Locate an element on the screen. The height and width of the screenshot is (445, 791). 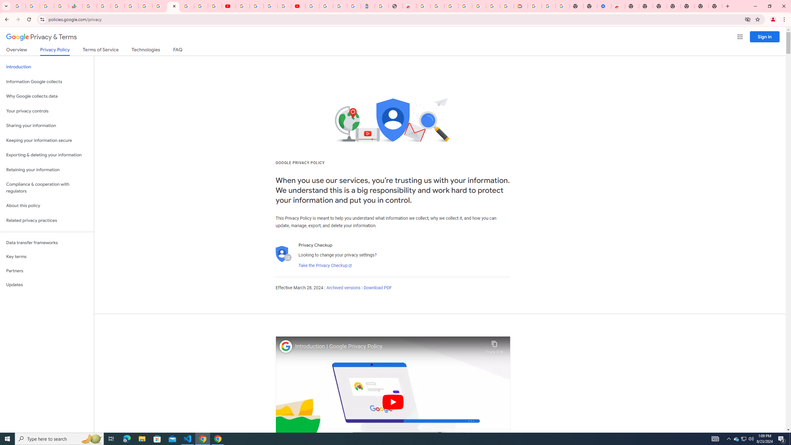
'New Tab' is located at coordinates (715, 6).